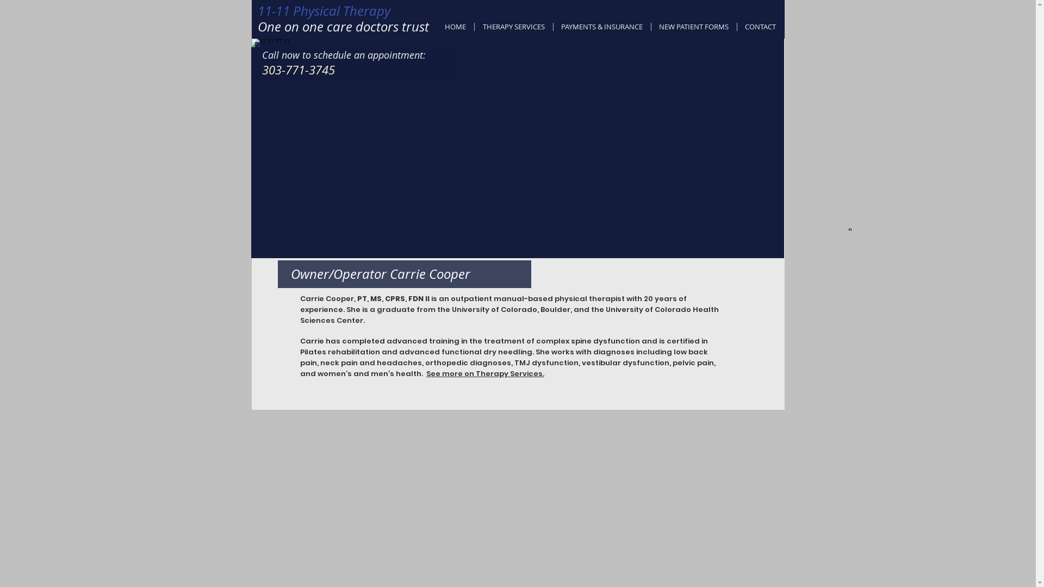 Image resolution: width=1044 pixels, height=587 pixels. What do you see at coordinates (425, 373) in the screenshot?
I see `'See more on Therapy Services.'` at bounding box center [425, 373].